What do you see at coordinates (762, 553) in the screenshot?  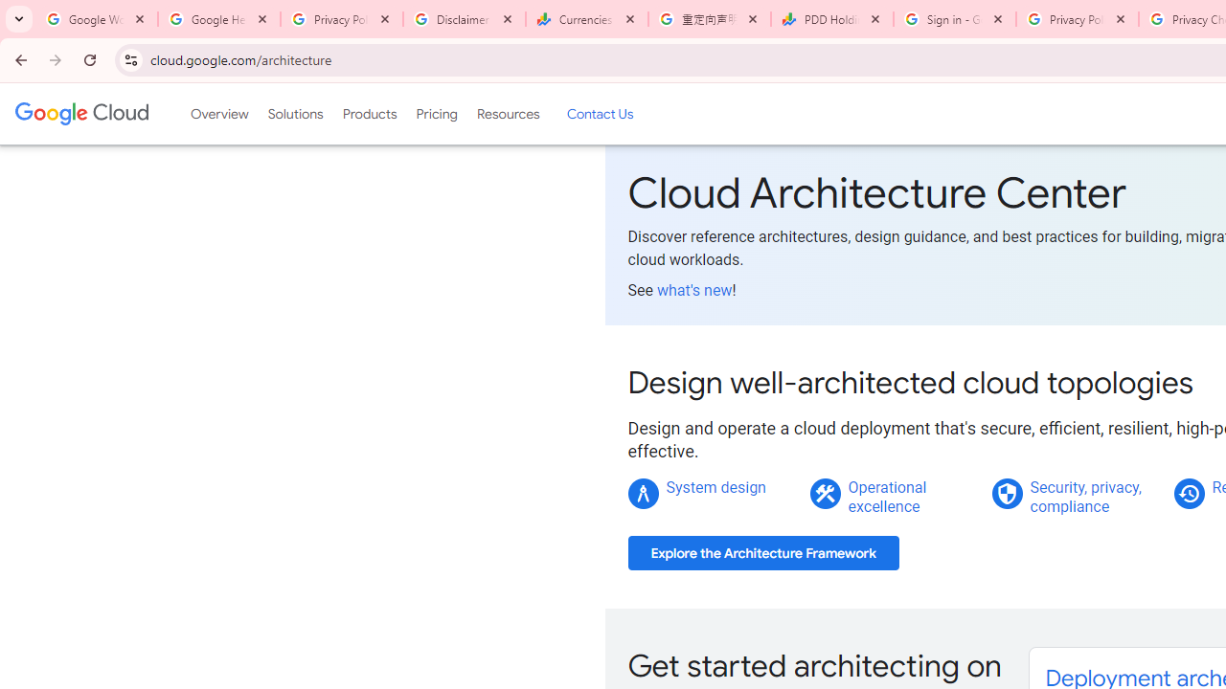 I see `'Explore the Architecture Framework'` at bounding box center [762, 553].